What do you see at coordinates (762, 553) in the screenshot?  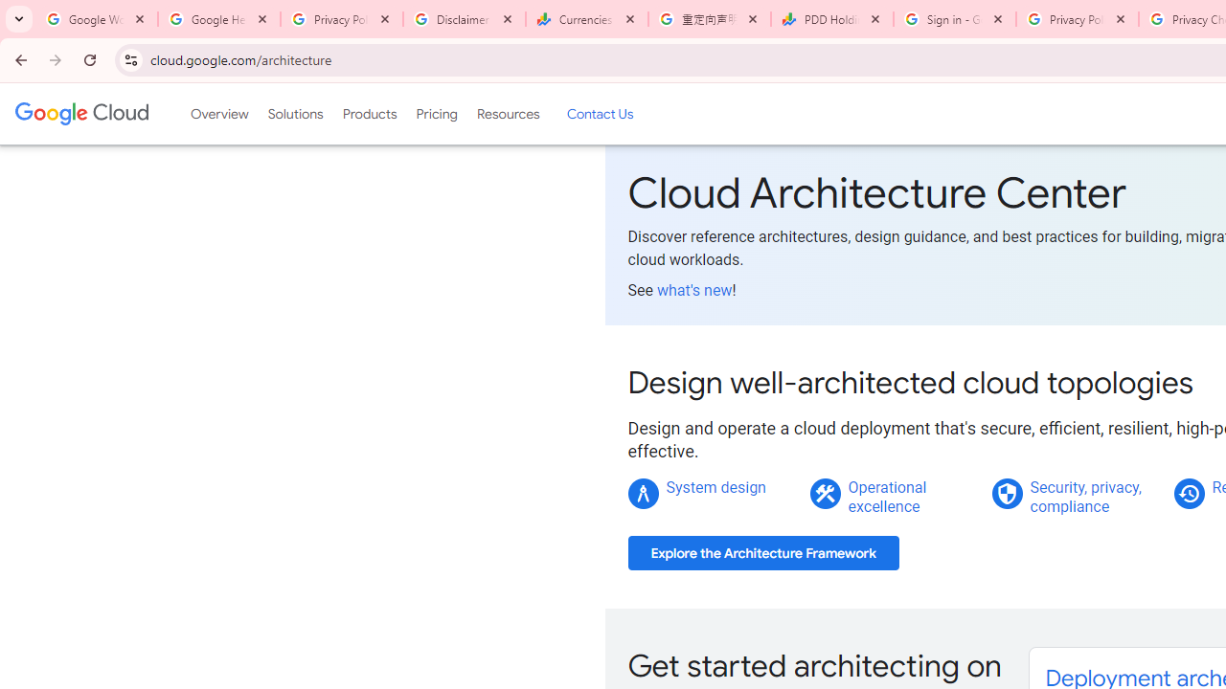 I see `'Explore the Architecture Framework'` at bounding box center [762, 553].